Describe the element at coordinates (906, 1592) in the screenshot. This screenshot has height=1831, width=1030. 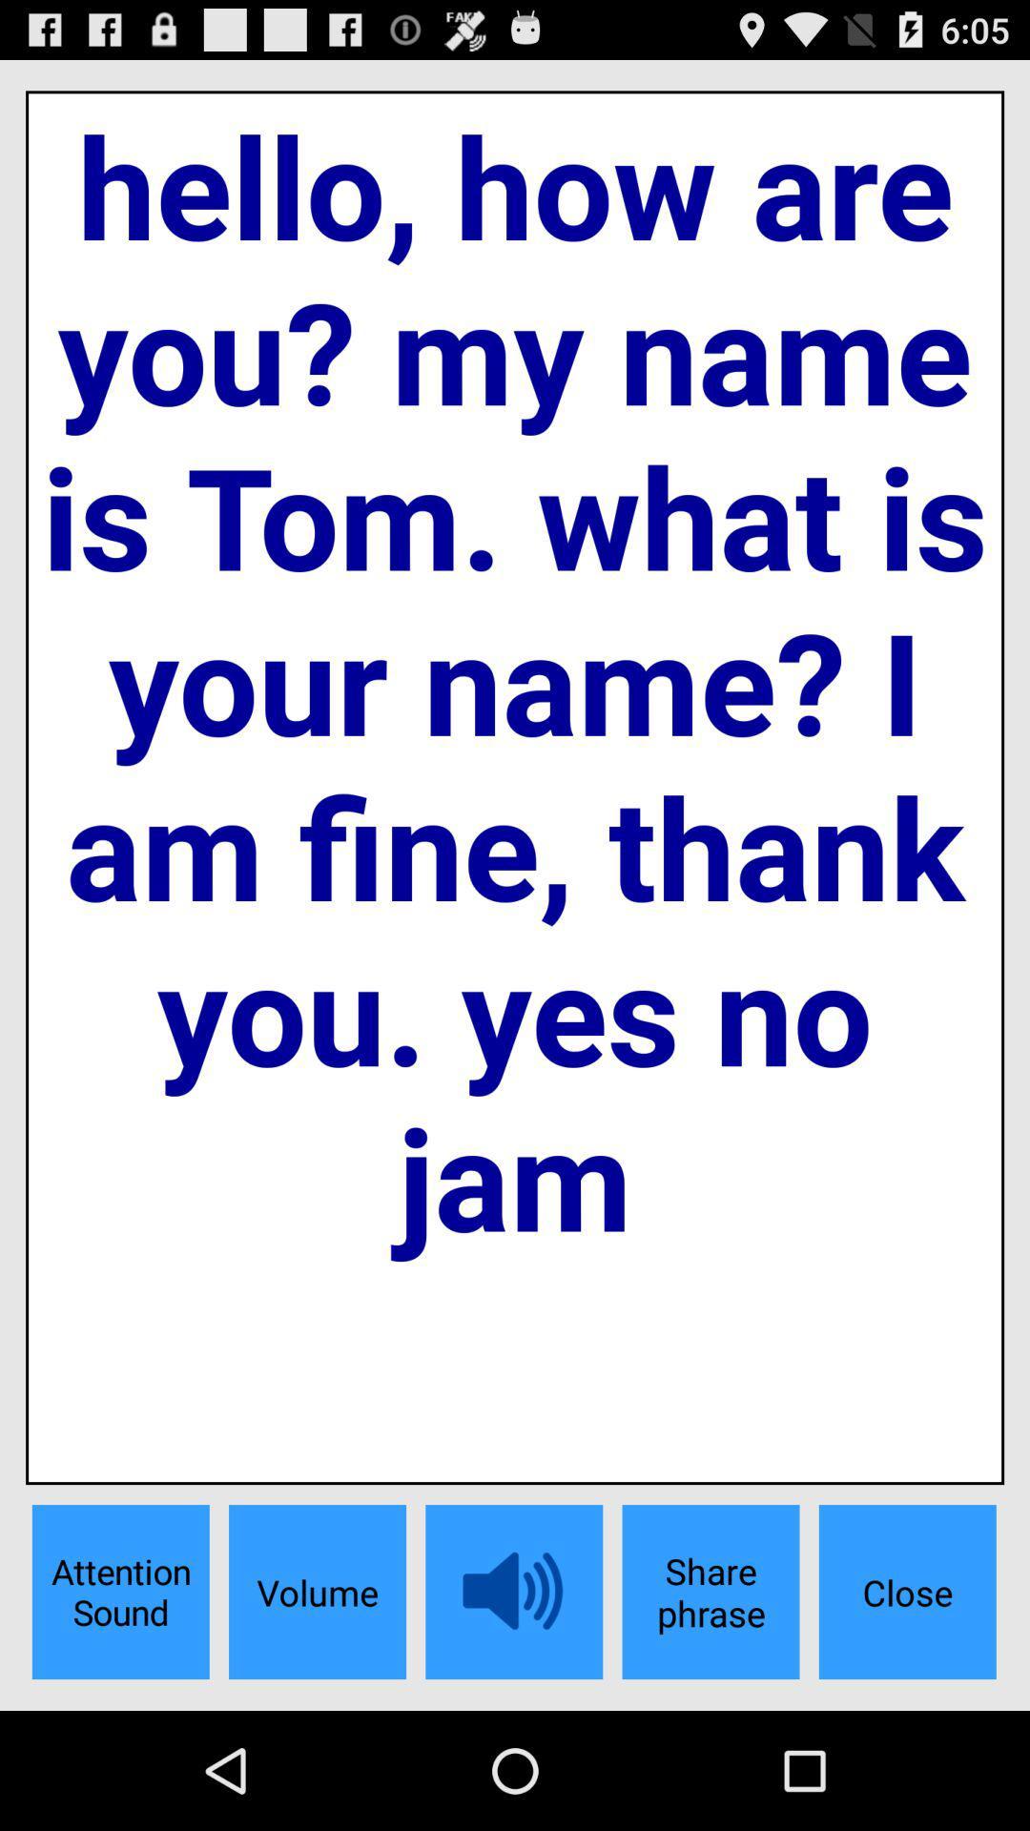
I see `the close icon` at that location.